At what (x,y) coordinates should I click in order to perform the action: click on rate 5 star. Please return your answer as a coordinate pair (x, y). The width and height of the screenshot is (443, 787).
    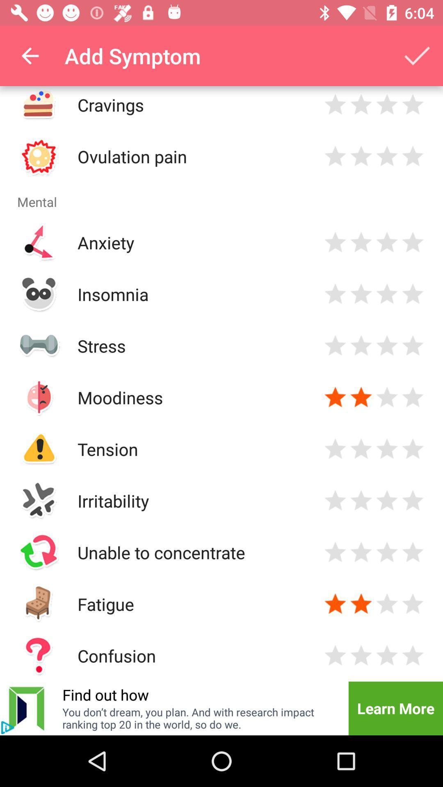
    Looking at the image, I should click on (413, 604).